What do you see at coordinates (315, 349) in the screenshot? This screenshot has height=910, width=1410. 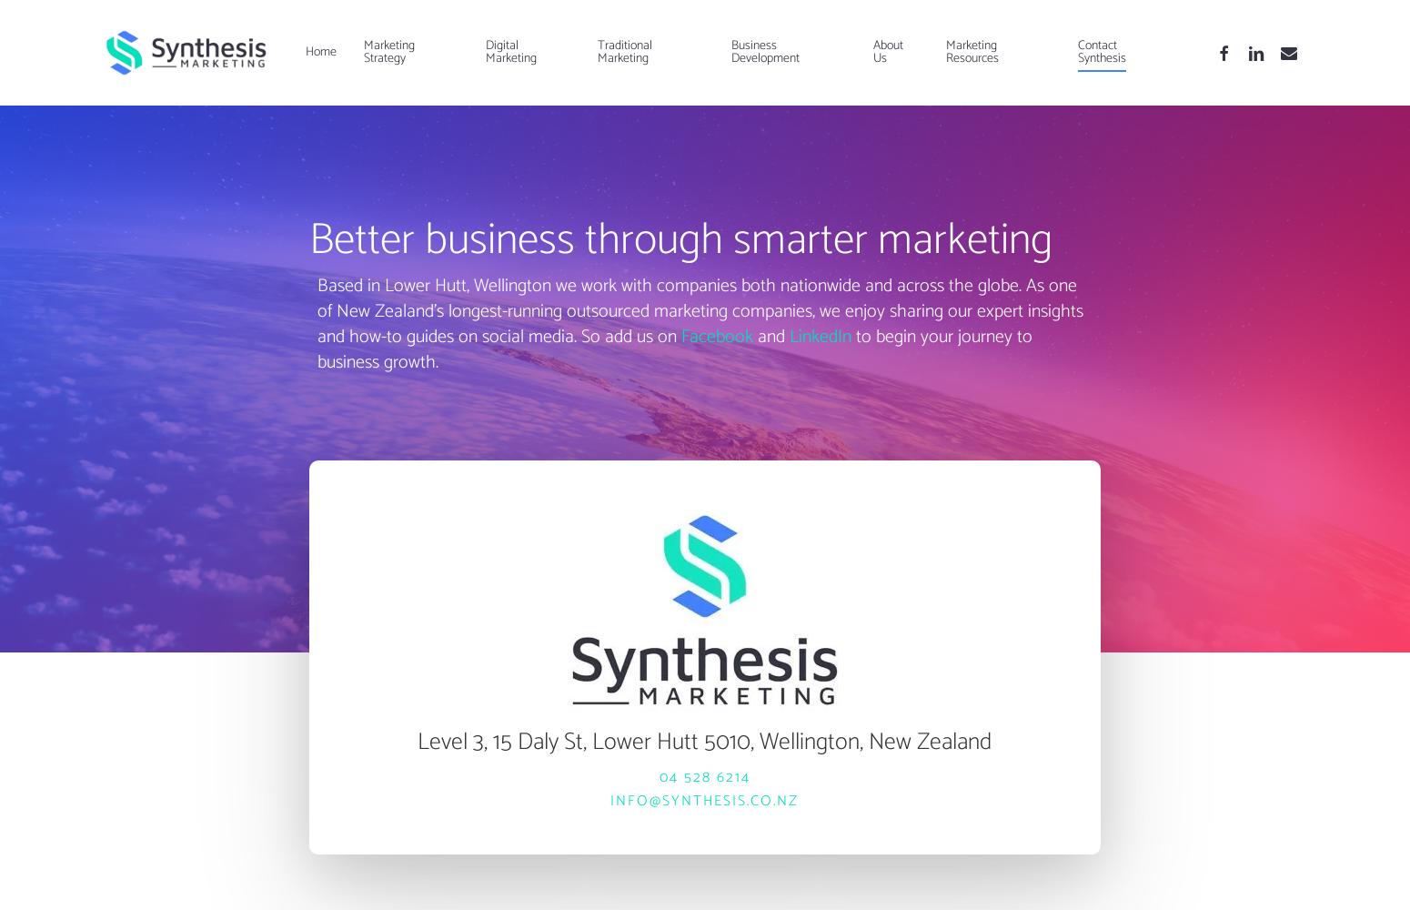 I see `'to begin your journey to business growth.'` at bounding box center [315, 349].